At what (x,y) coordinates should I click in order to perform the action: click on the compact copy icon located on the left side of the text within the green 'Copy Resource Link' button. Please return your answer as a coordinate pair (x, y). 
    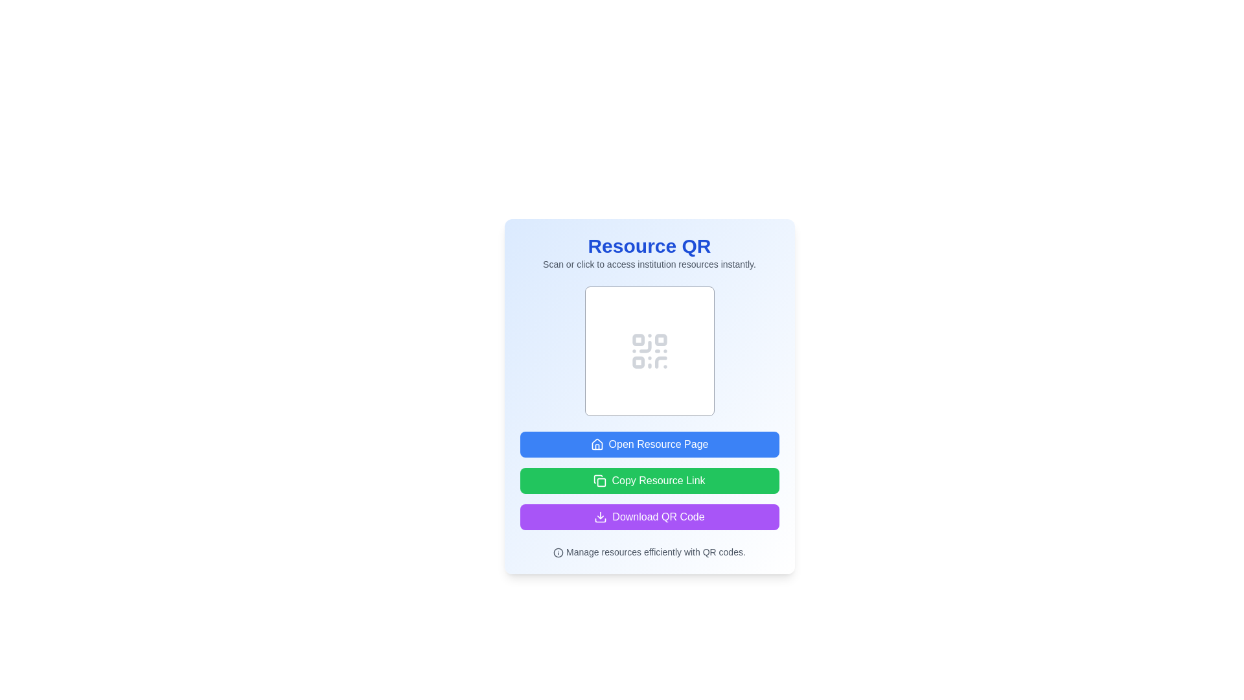
    Looking at the image, I should click on (599, 480).